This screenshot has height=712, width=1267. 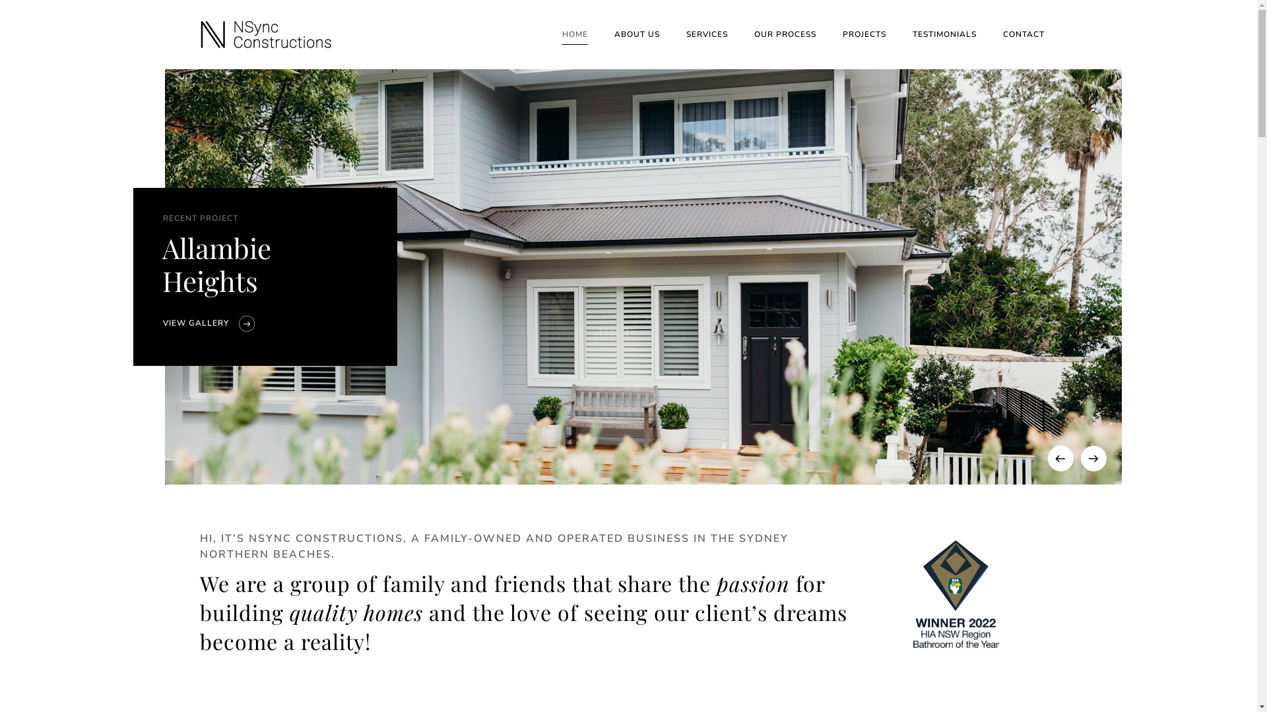 What do you see at coordinates (785, 34) in the screenshot?
I see `'OUR PROCESS'` at bounding box center [785, 34].